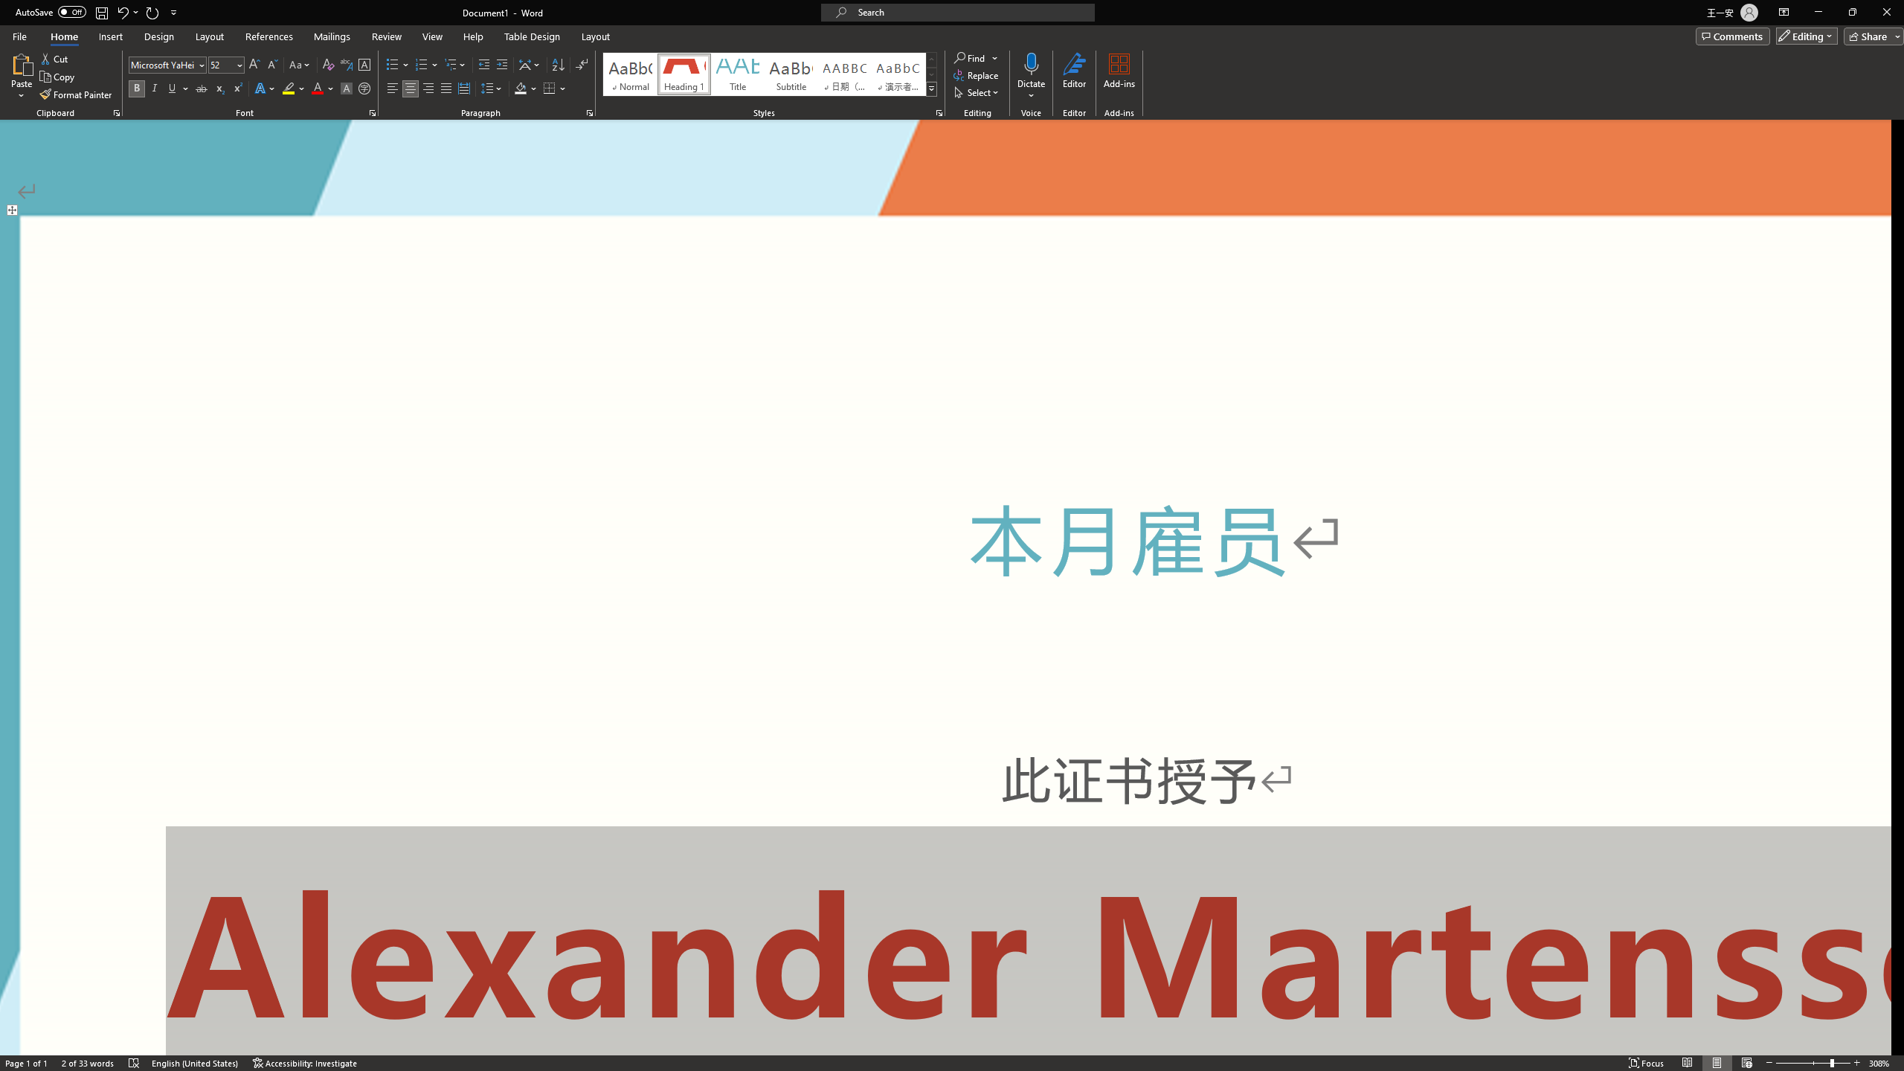  Describe the element at coordinates (91, 1033) in the screenshot. I see `'Word Count 2 of 33 words'` at that location.